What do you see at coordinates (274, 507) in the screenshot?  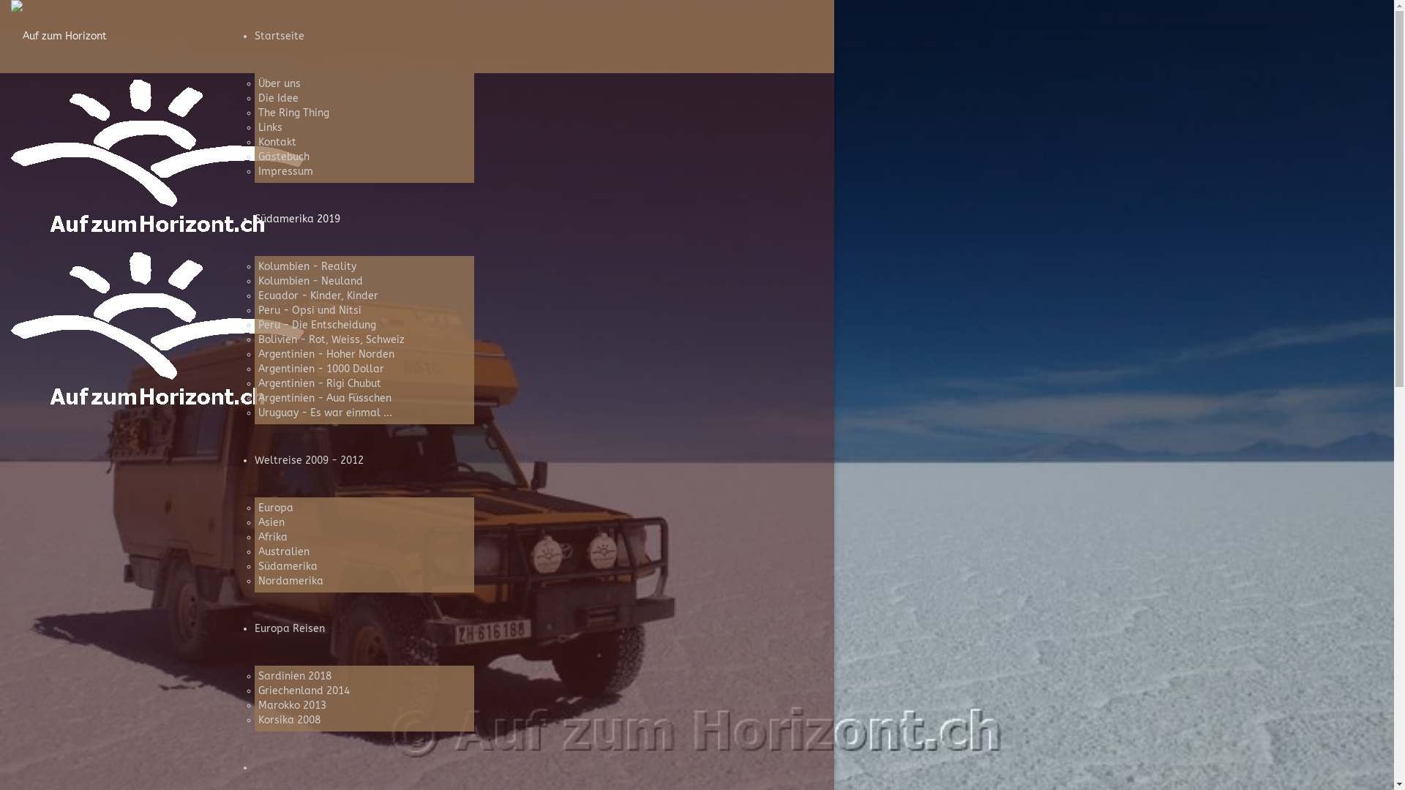 I see `'Europa'` at bounding box center [274, 507].